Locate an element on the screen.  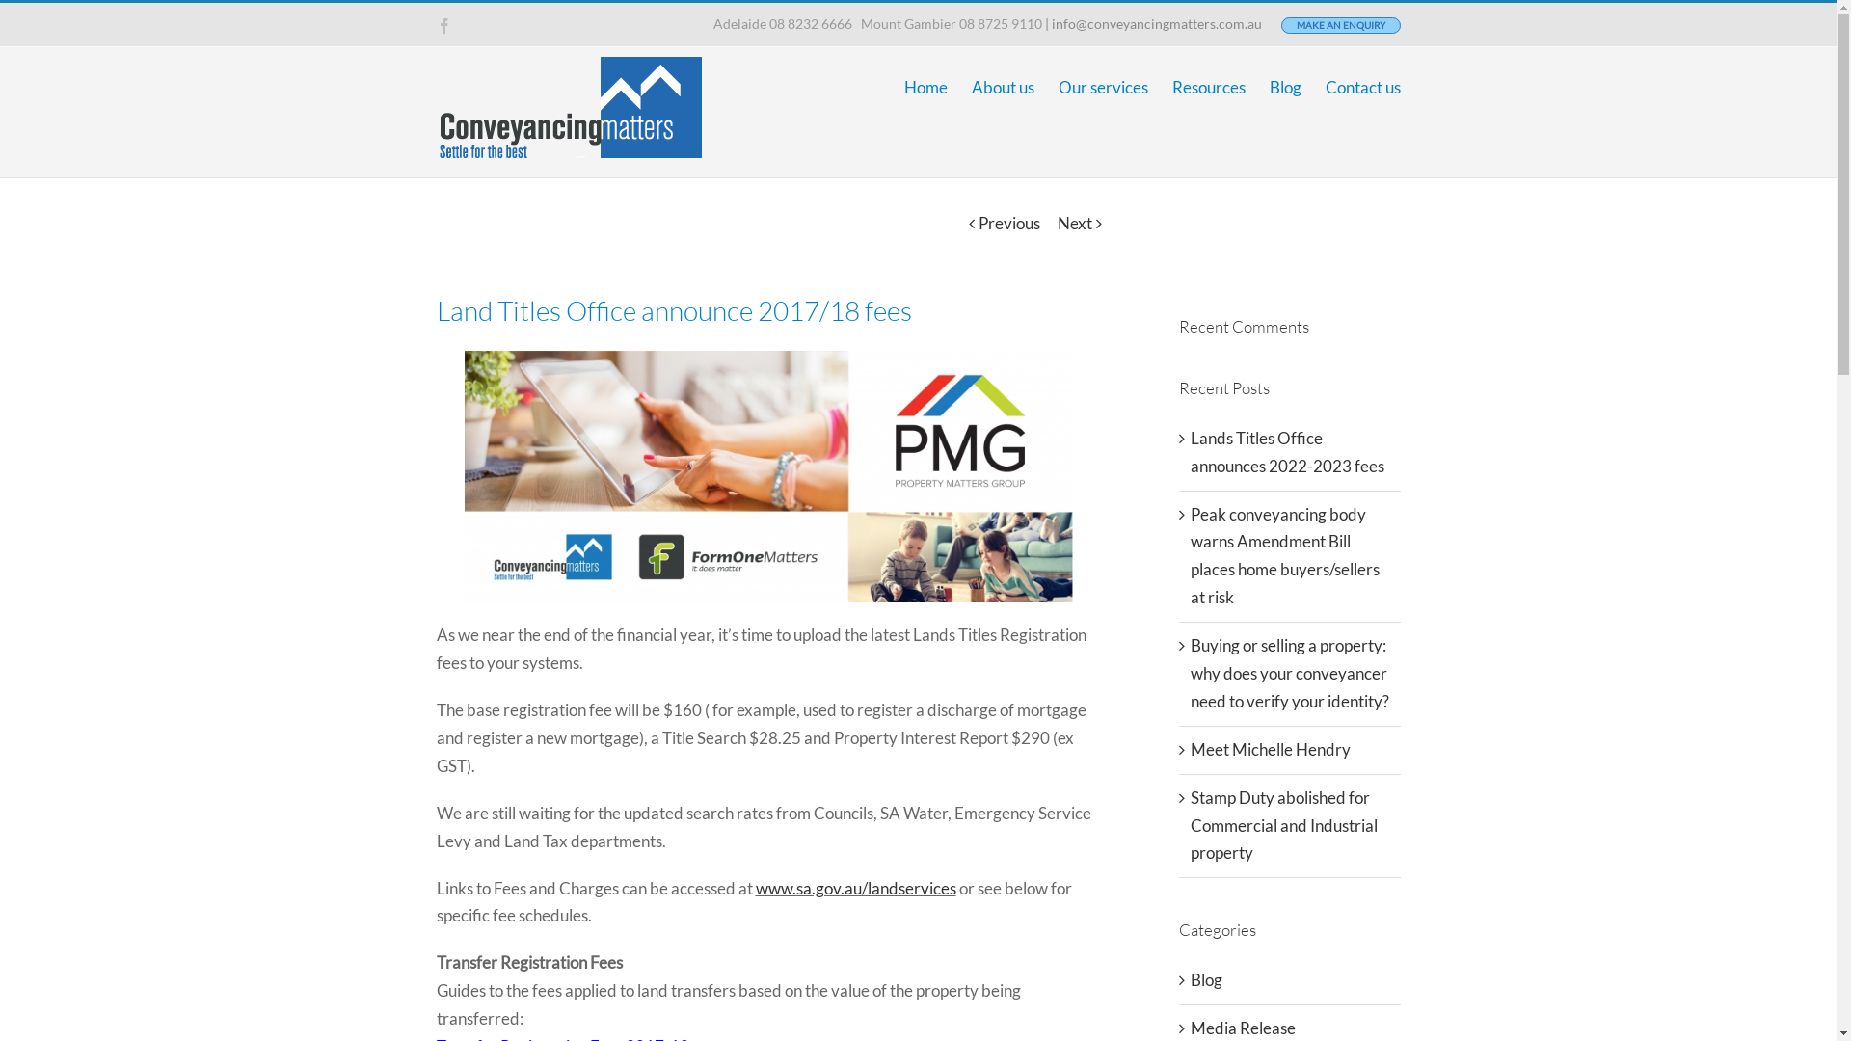
'Our services' is located at coordinates (1103, 87).